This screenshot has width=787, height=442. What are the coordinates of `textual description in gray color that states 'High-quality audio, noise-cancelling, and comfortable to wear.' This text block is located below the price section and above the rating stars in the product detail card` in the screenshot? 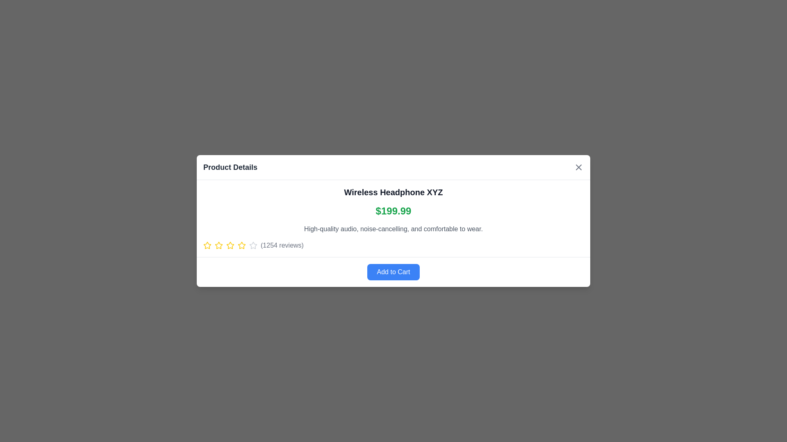 It's located at (393, 229).